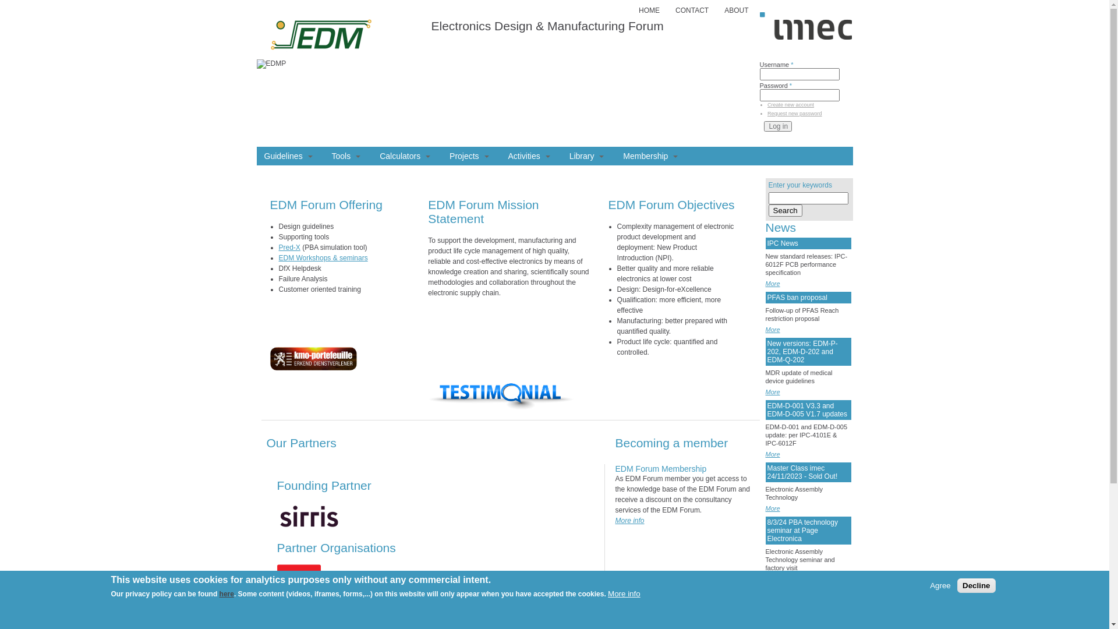 The width and height of the screenshot is (1118, 629). I want to click on 'HOME', so click(648, 10).